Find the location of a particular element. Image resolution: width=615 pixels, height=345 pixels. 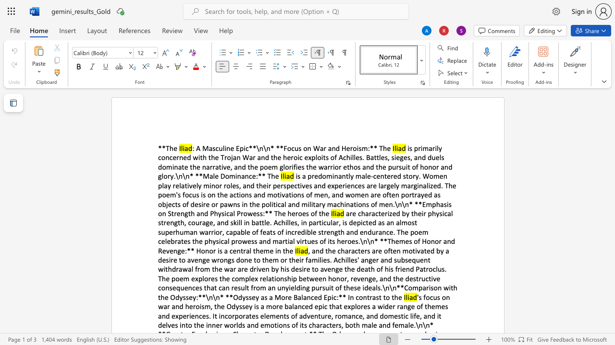

the 7th character "s" in the text is located at coordinates (413, 222).